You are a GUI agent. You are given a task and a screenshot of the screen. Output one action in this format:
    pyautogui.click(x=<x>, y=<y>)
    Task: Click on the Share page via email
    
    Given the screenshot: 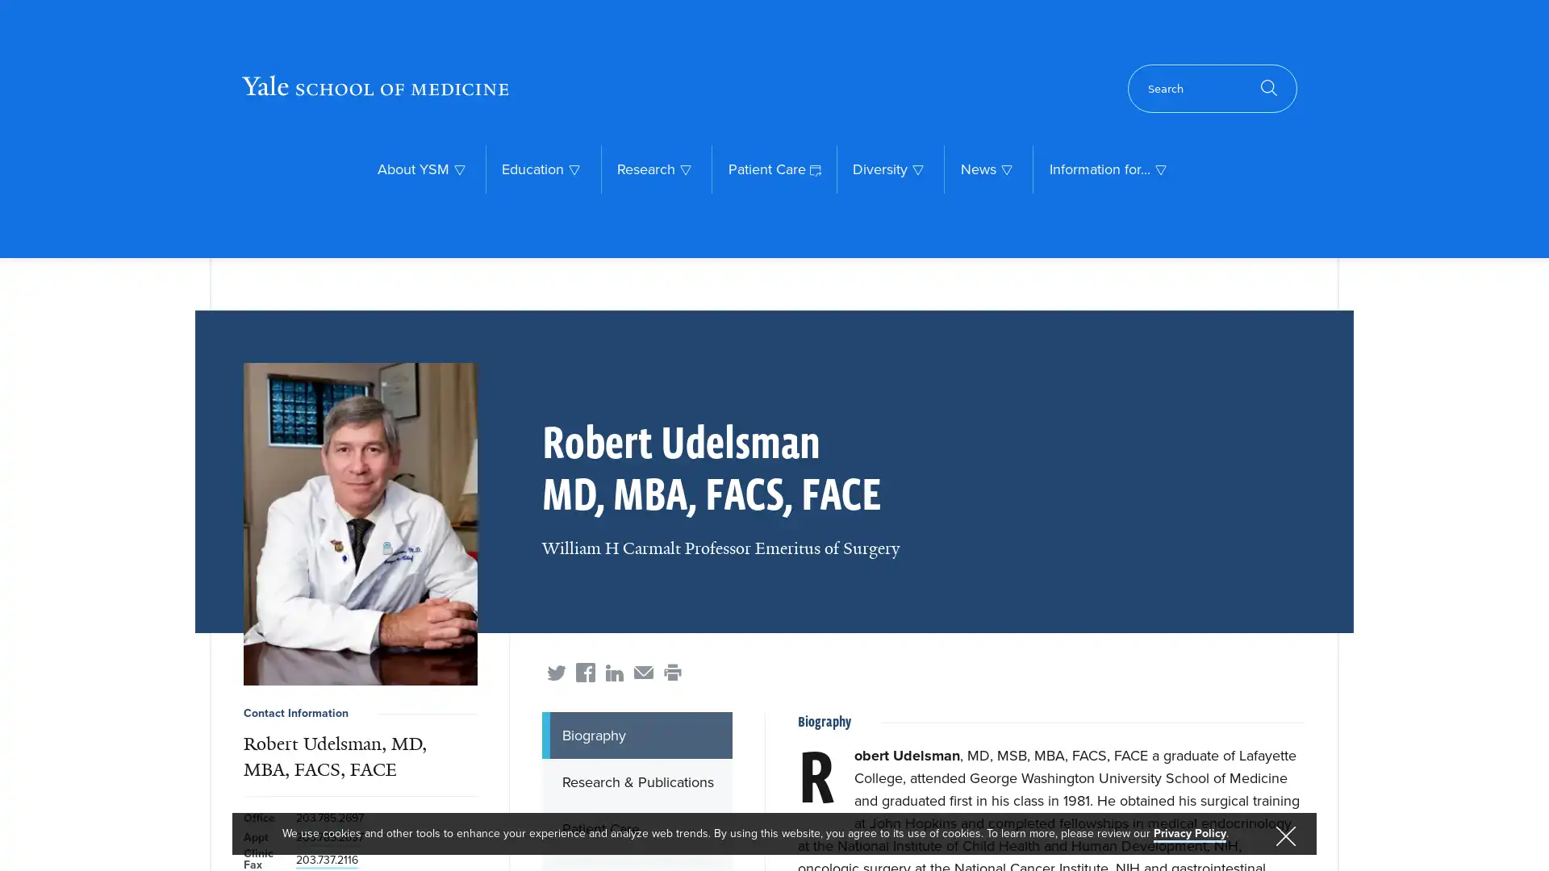 What is the action you would take?
    pyautogui.click(x=642, y=672)
    